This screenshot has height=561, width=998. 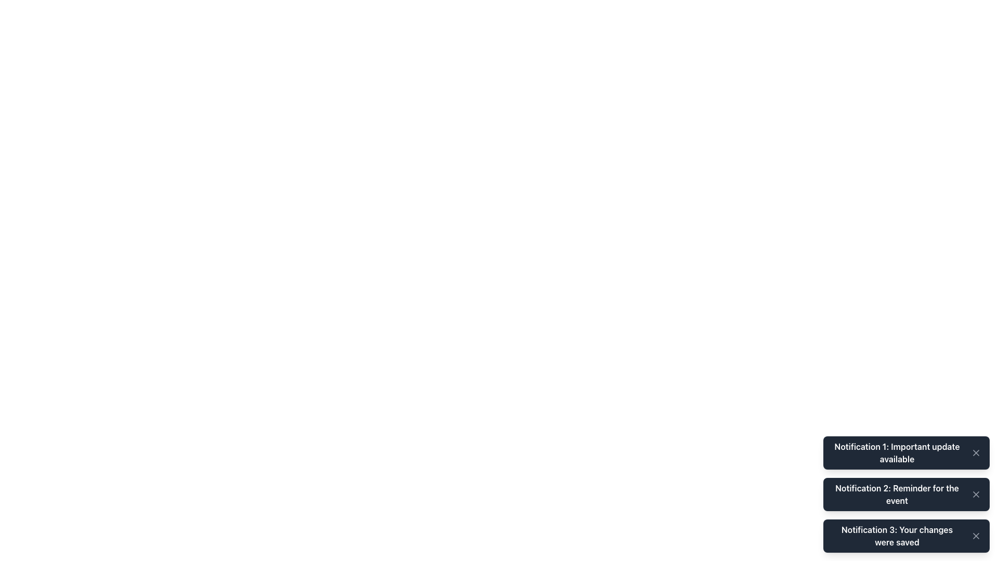 What do you see at coordinates (897, 452) in the screenshot?
I see `the text label element displaying 'Notification 1: Important update available', which is styled in bold white on a dark background and is the first notification in a vertical list` at bounding box center [897, 452].